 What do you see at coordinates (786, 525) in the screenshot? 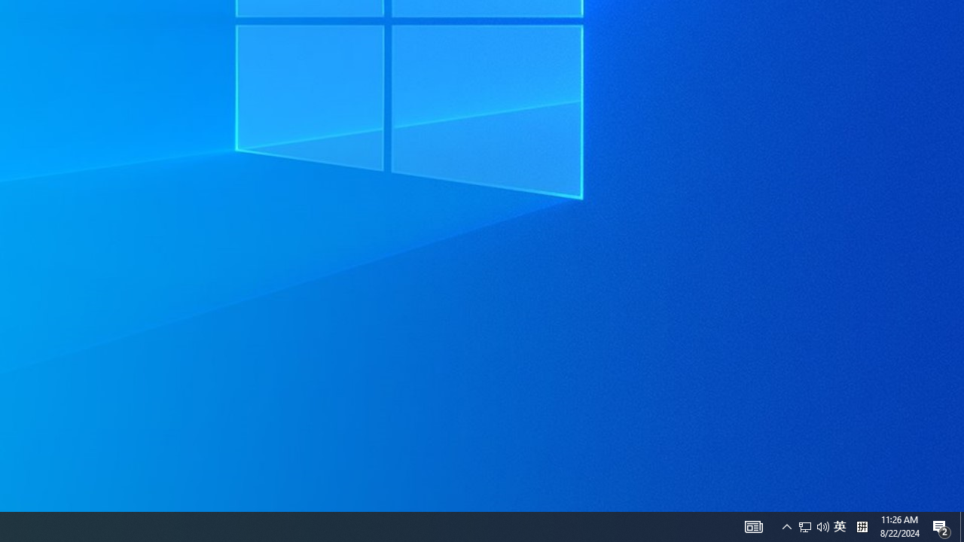
I see `'Notification Chevron'` at bounding box center [786, 525].